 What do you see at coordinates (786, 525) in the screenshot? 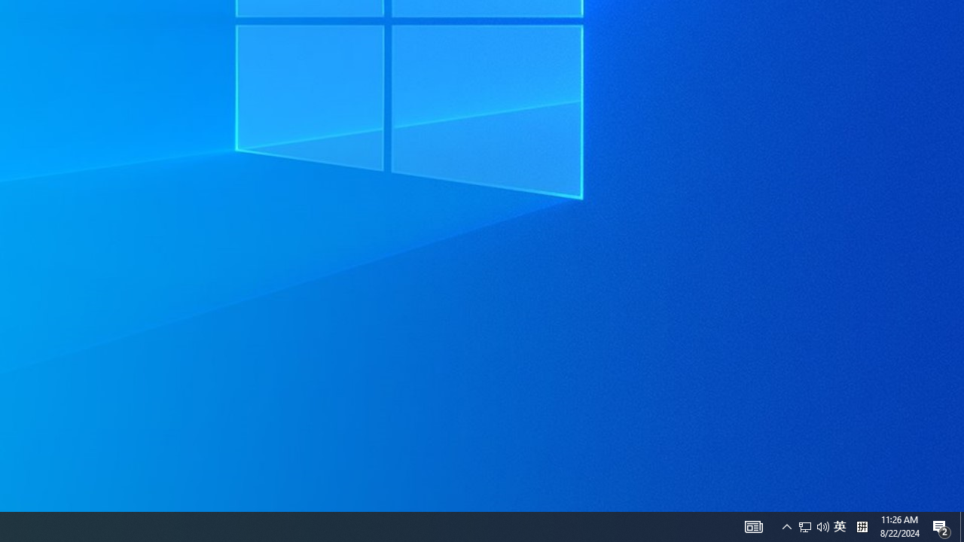
I see `'Notification Chevron'` at bounding box center [786, 525].